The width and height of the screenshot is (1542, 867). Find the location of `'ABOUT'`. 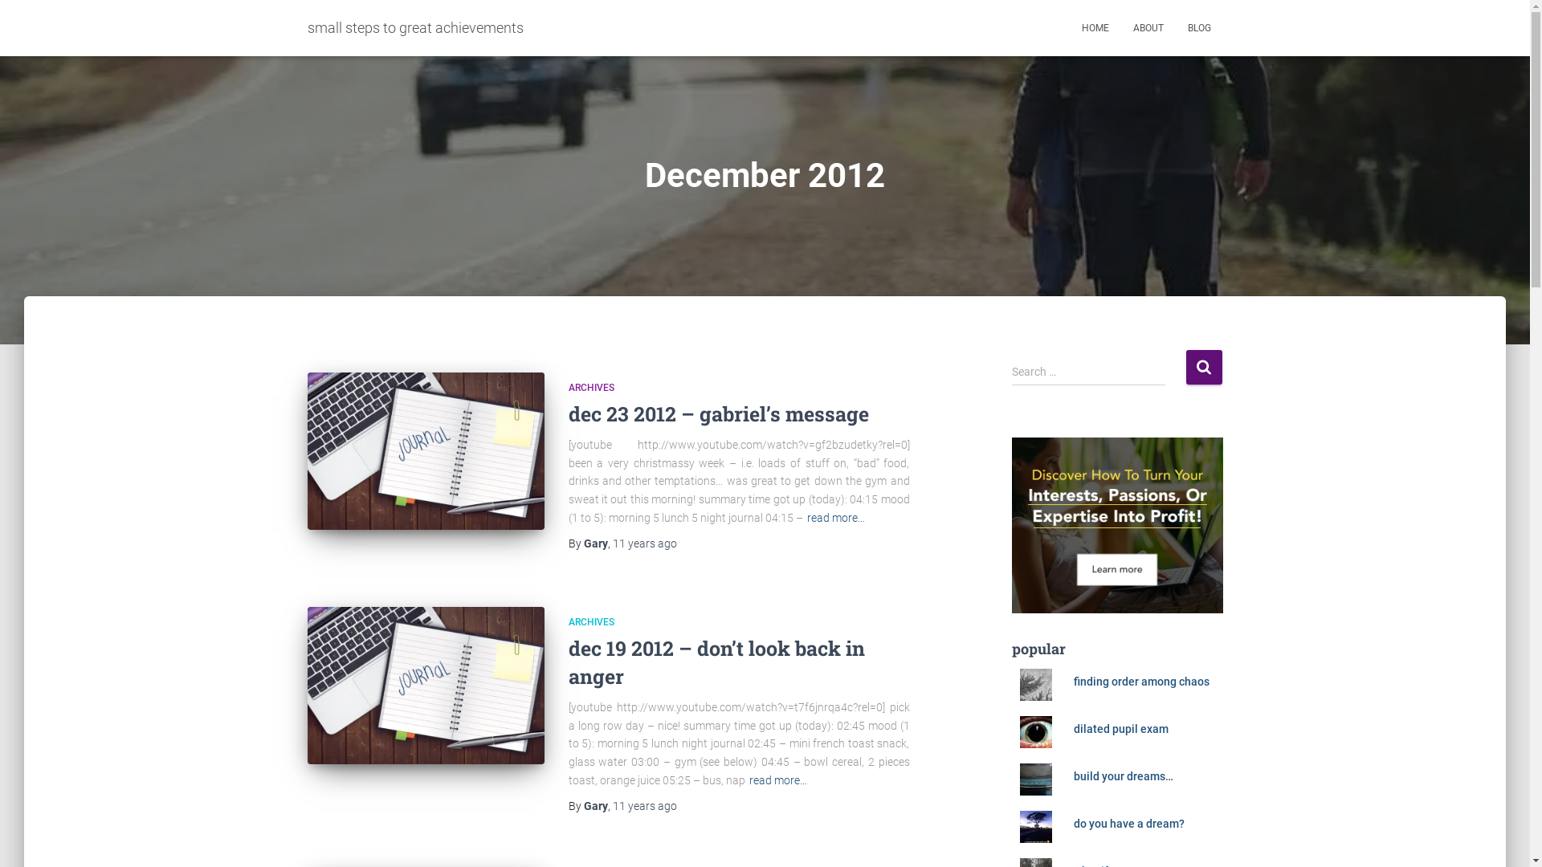

'ABOUT' is located at coordinates (1148, 27).